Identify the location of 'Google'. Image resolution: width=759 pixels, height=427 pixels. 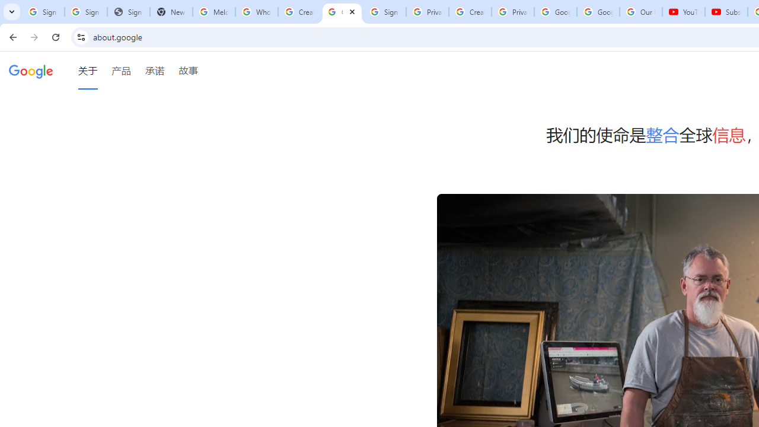
(31, 71).